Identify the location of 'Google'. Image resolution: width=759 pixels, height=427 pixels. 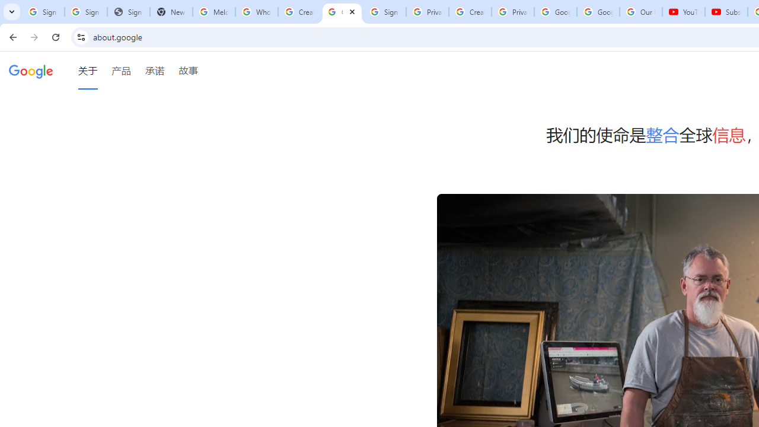
(31, 71).